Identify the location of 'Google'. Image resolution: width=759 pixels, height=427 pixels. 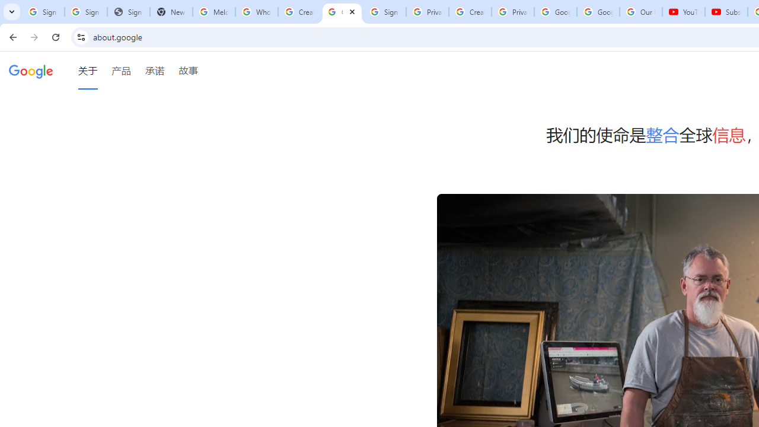
(31, 71).